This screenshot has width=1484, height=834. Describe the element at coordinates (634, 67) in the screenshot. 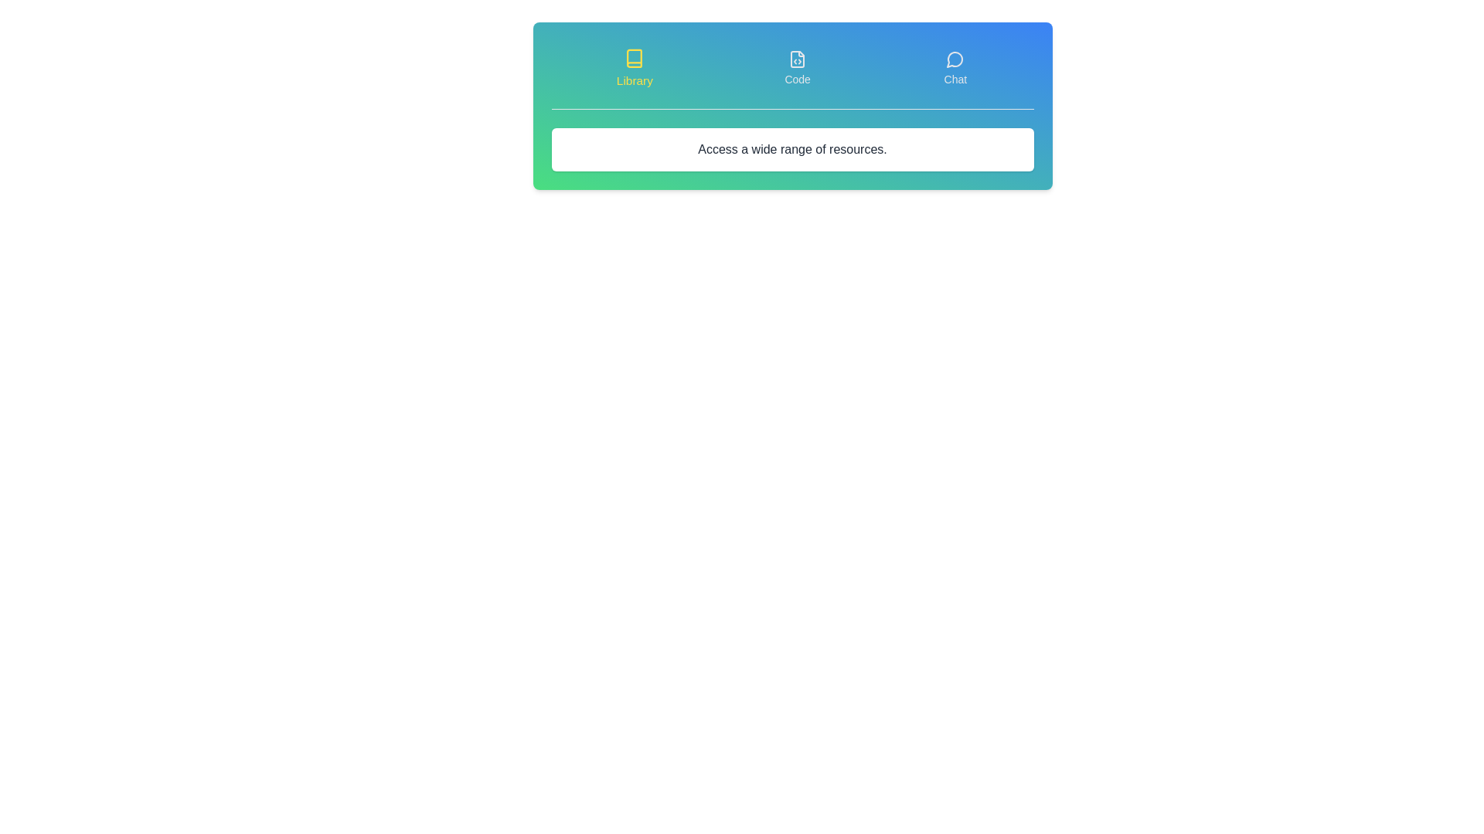

I see `the tab labeled Library to select it` at that location.